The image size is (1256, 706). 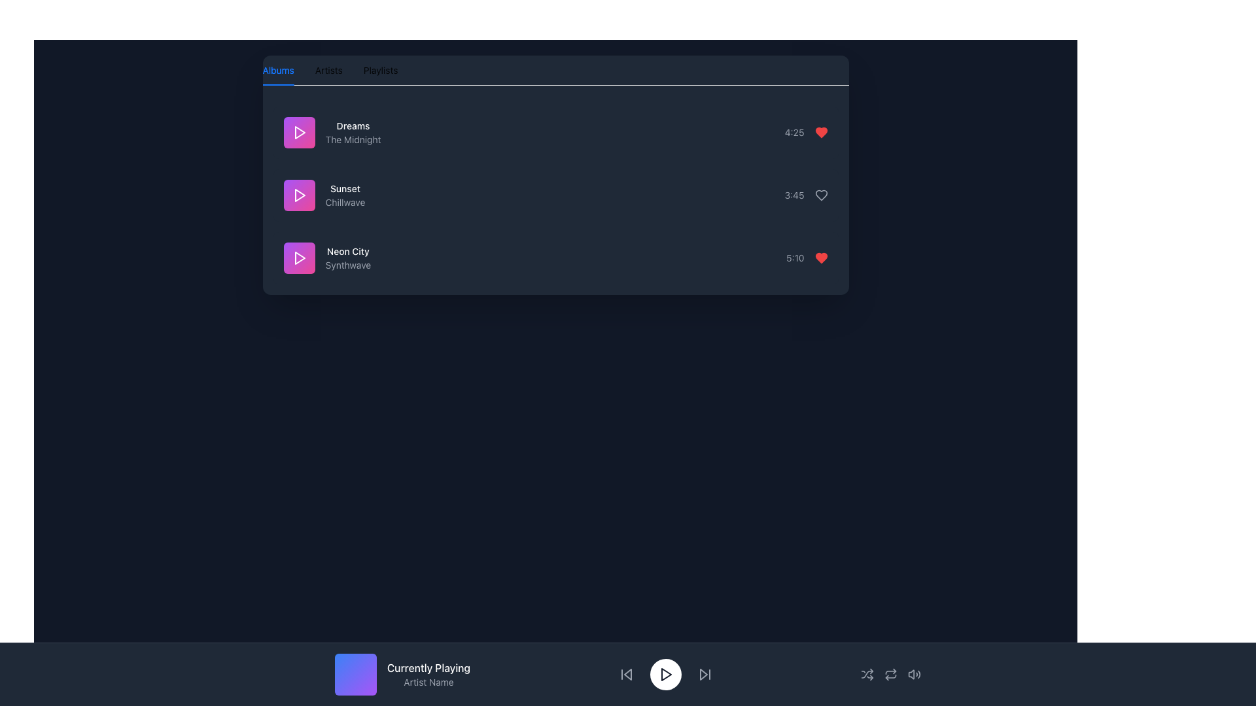 What do you see at coordinates (794, 258) in the screenshot?
I see `the text element displaying the time '5:10' in light gray color on a dark background, which is the first item in a horizontally organized row of elements` at bounding box center [794, 258].